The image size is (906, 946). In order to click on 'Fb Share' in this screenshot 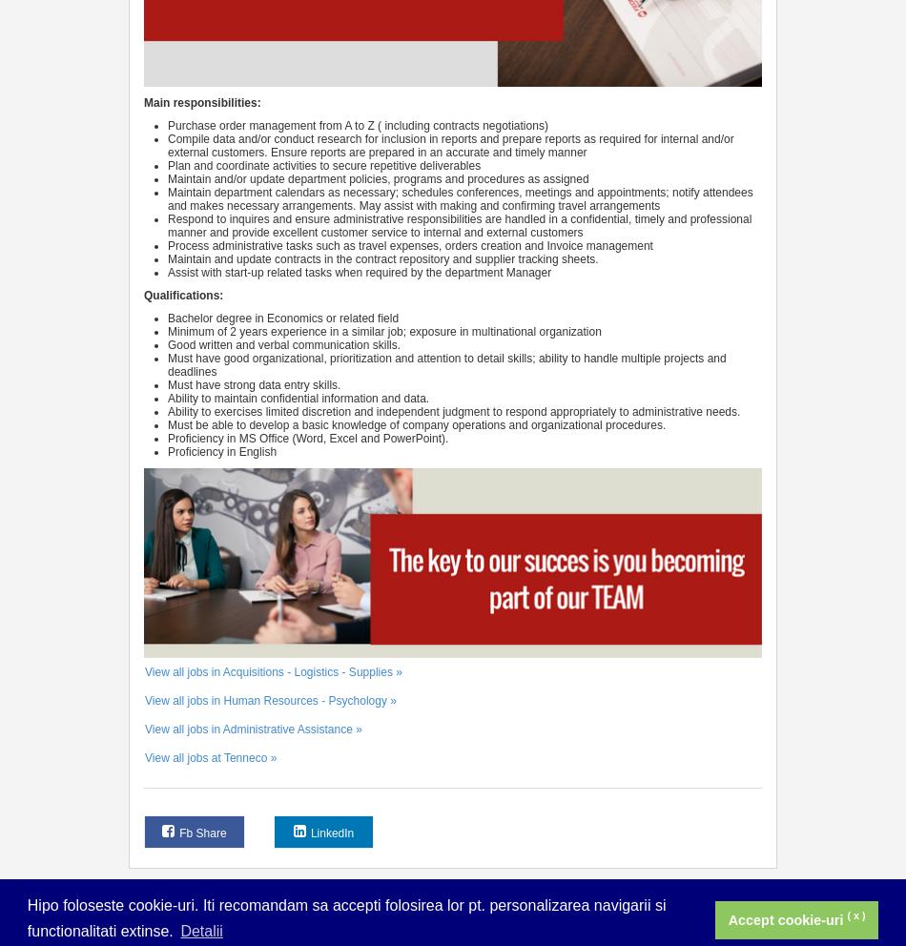, I will do `click(202, 833)`.